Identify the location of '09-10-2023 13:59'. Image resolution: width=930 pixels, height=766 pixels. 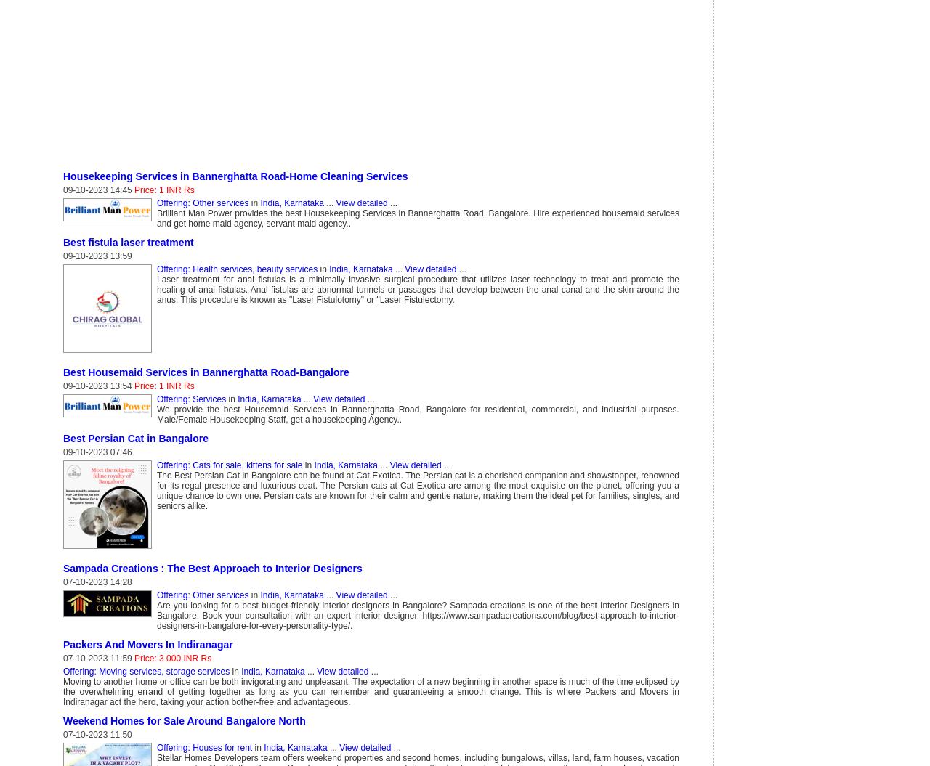
(62, 256).